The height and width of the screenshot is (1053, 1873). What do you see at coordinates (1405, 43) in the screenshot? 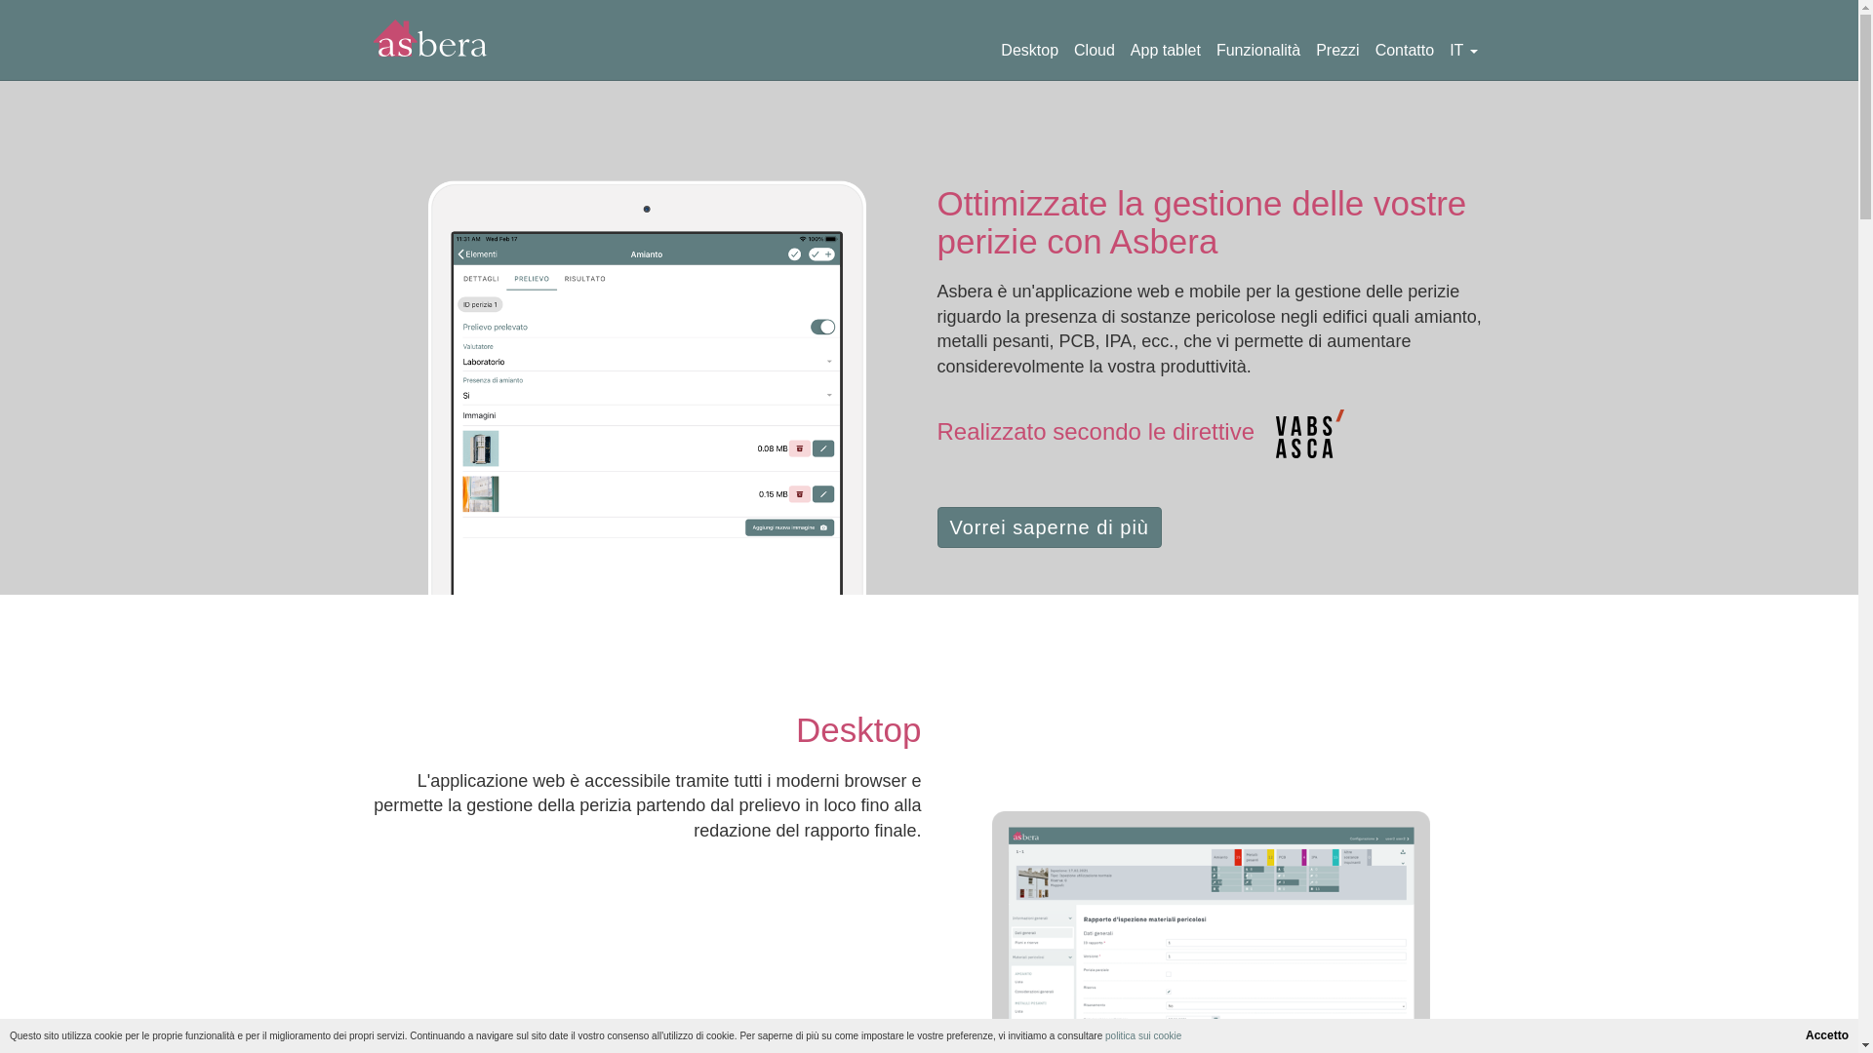
I see `'Contatto'` at bounding box center [1405, 43].